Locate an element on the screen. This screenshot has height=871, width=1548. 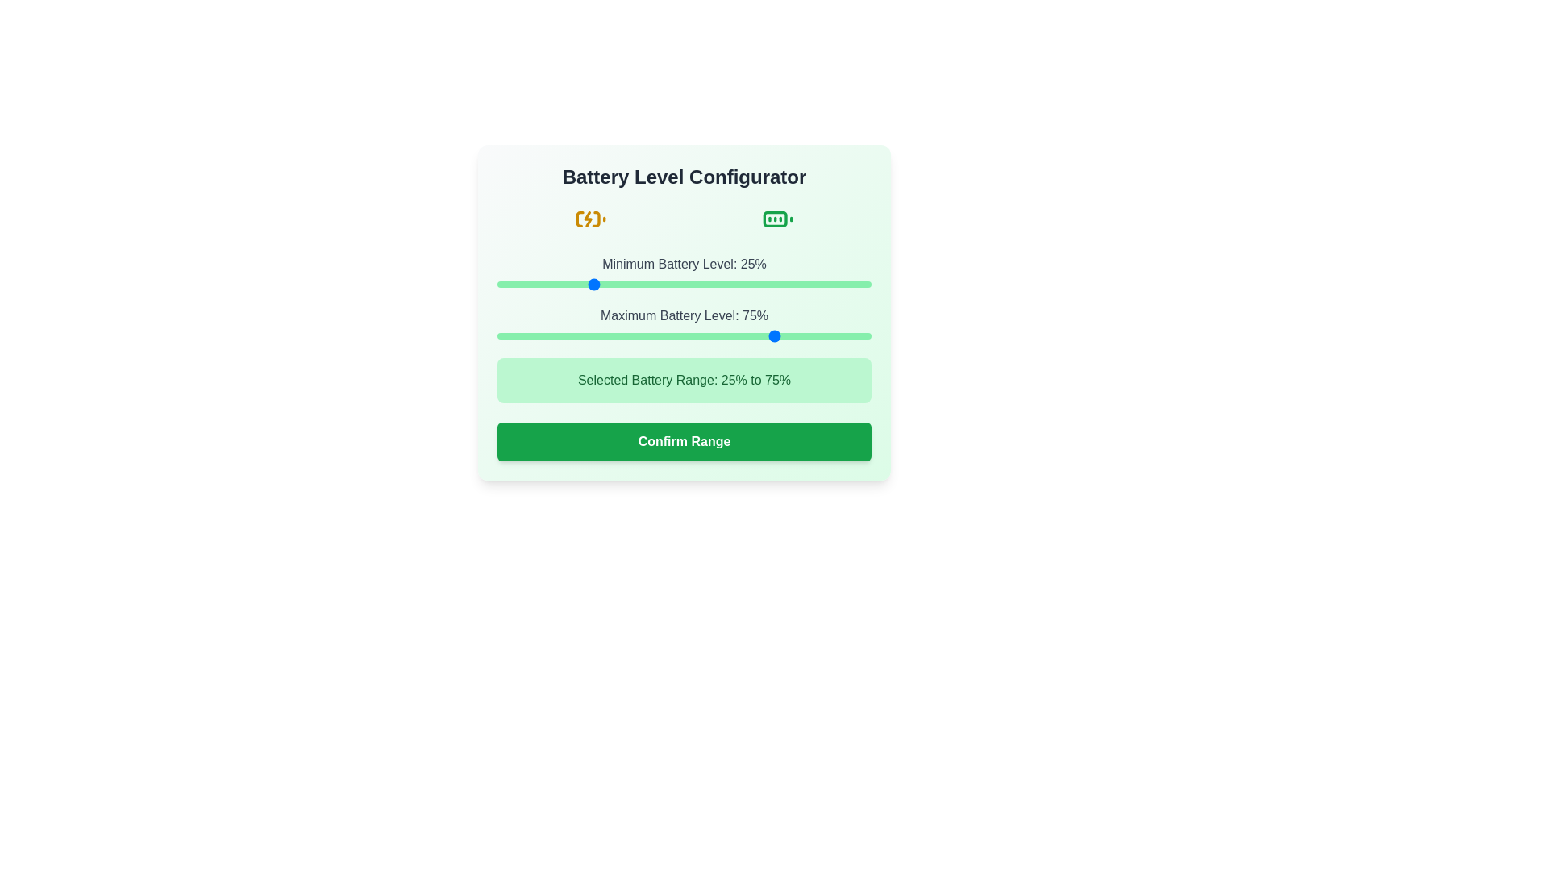
the minimum battery level is located at coordinates (838, 284).